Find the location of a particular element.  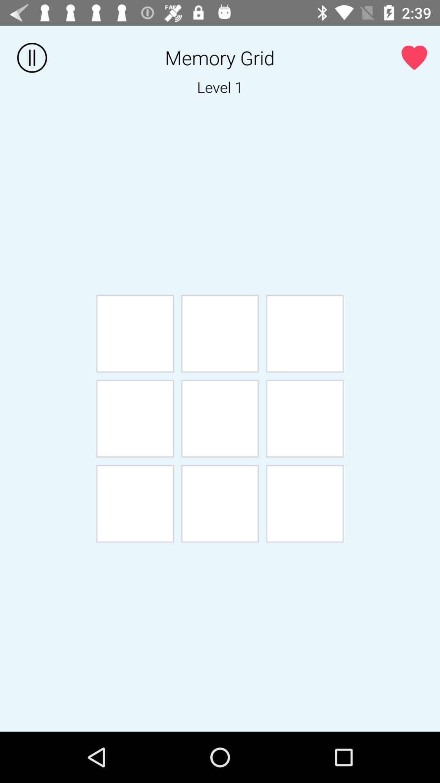

the first box from the second row is located at coordinates (134, 419).